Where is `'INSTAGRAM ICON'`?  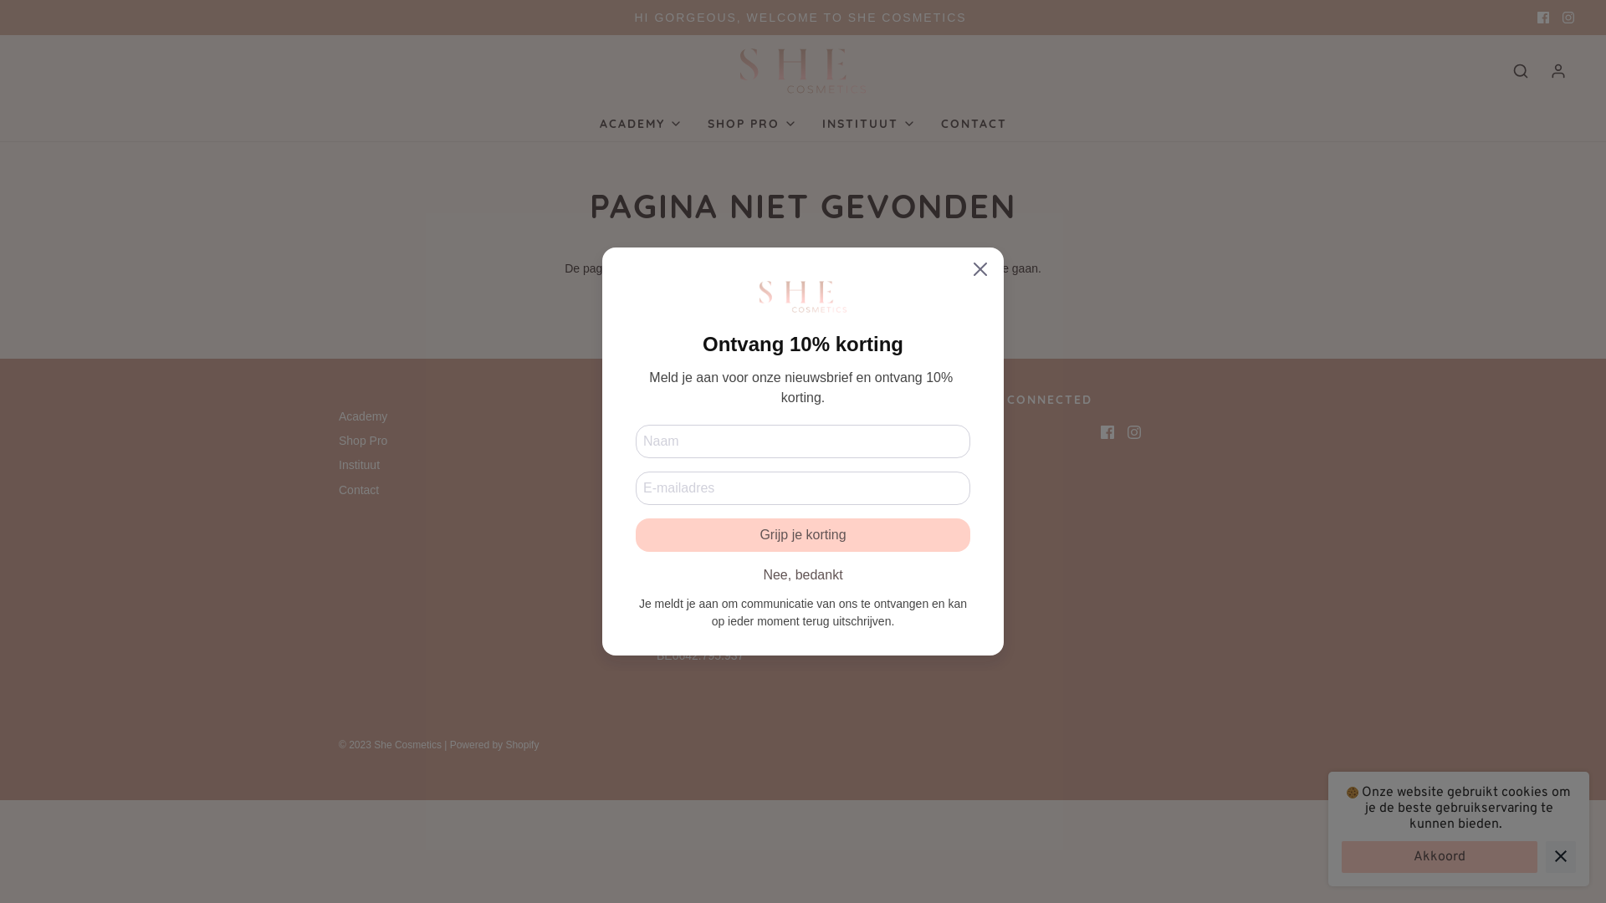 'INSTAGRAM ICON' is located at coordinates (1568, 17).